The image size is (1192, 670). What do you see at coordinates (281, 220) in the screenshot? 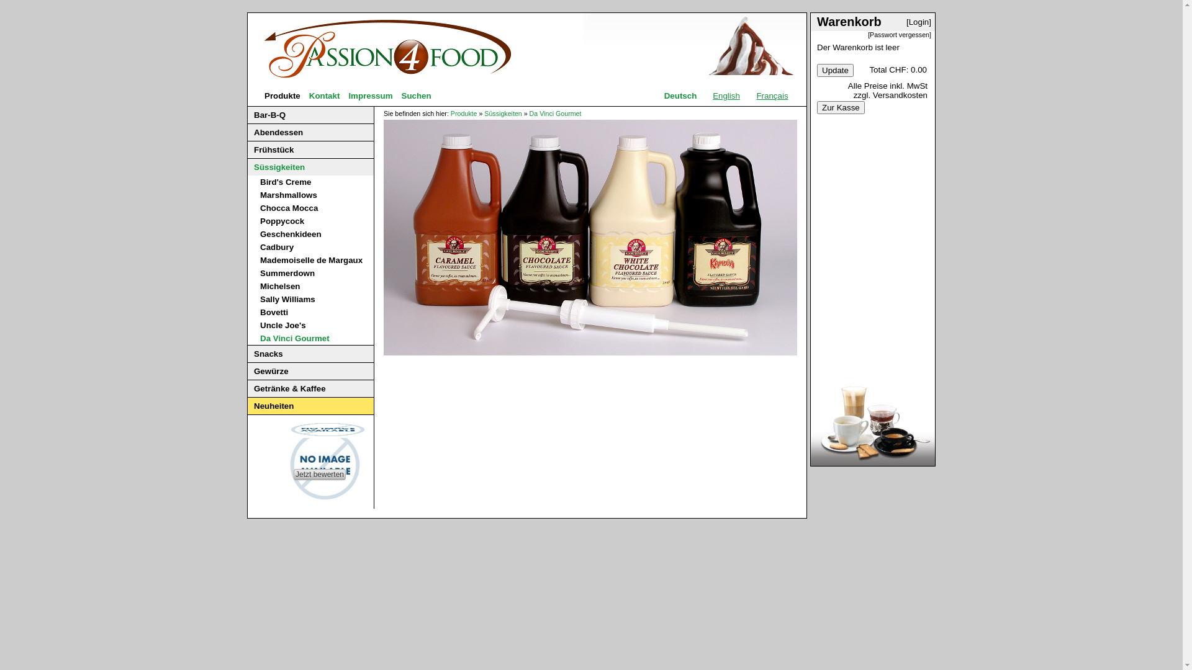
I see `'Poppycock'` at bounding box center [281, 220].